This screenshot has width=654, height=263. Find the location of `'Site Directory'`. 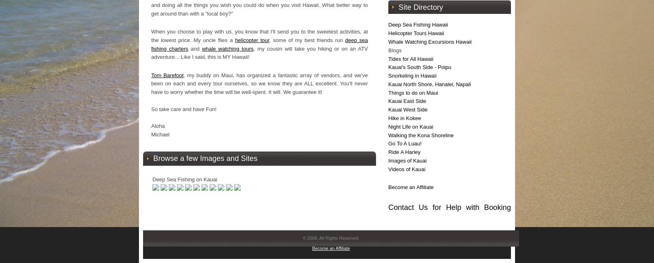

'Site Directory' is located at coordinates (421, 7).